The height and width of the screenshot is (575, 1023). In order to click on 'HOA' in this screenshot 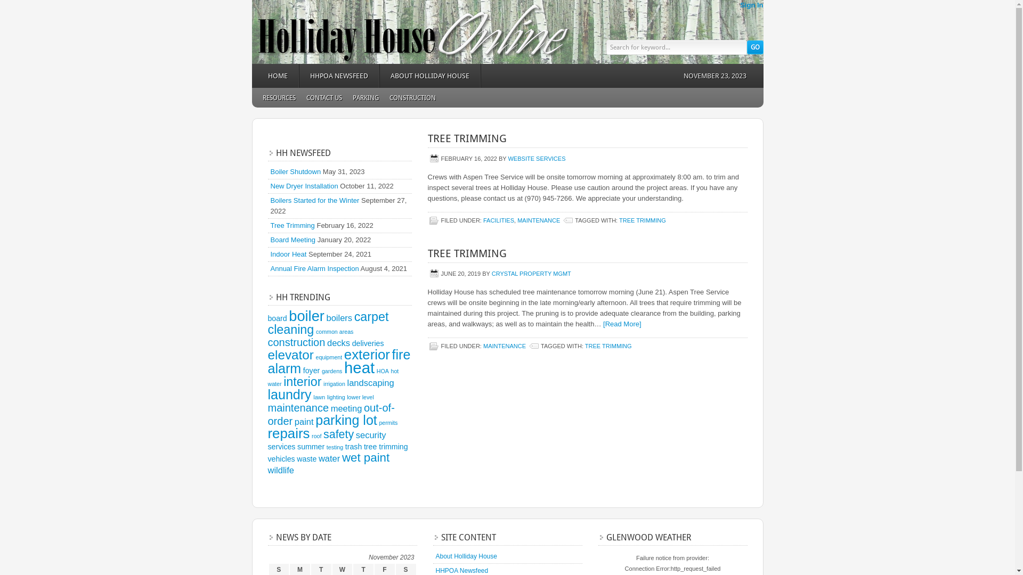, I will do `click(383, 371)`.